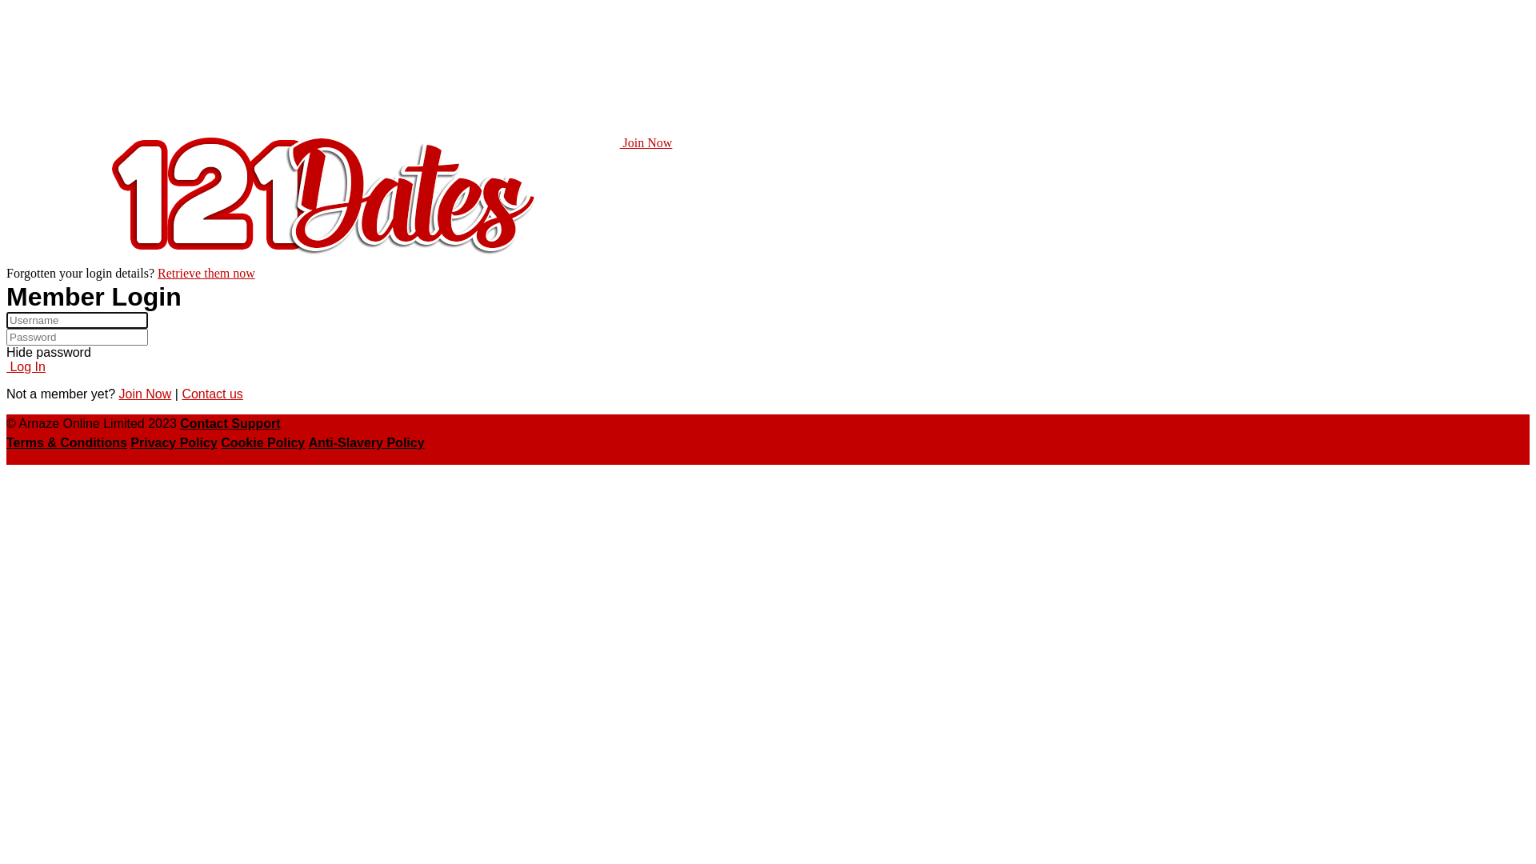 The width and height of the screenshot is (1536, 864). I want to click on 'Cookie Policy', so click(262, 442).